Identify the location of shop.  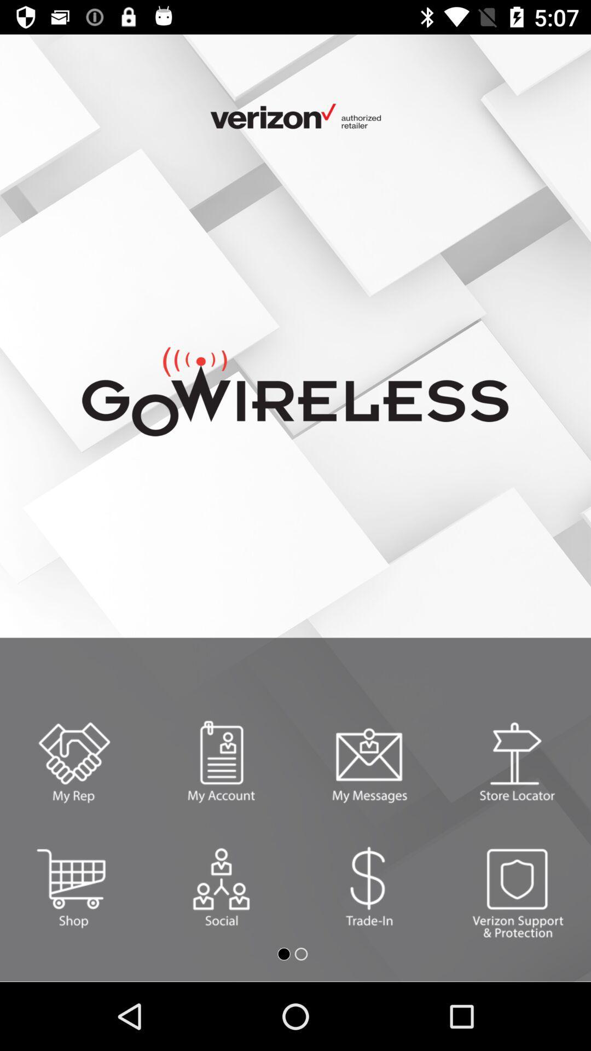
(74, 887).